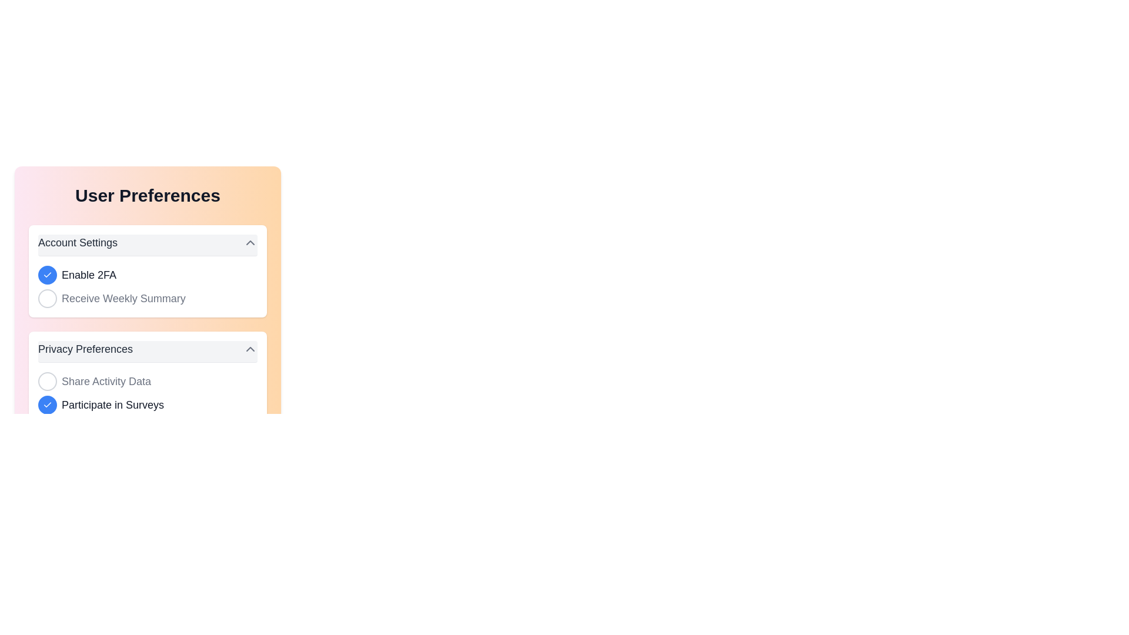  What do you see at coordinates (250, 242) in the screenshot?
I see `the chevron icon` at bounding box center [250, 242].